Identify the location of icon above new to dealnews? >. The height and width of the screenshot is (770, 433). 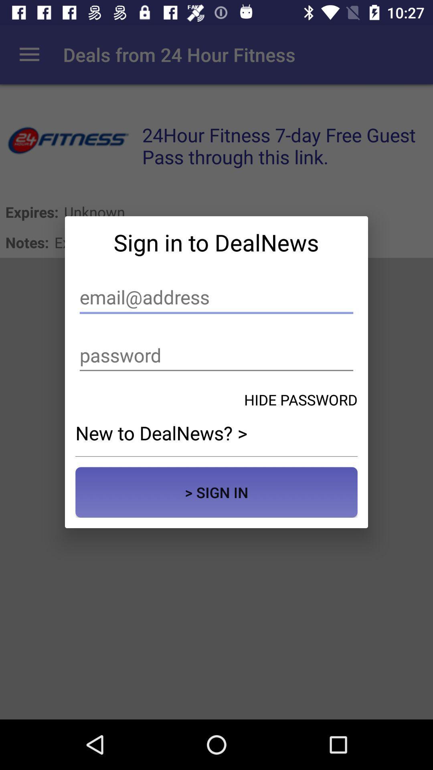
(301, 399).